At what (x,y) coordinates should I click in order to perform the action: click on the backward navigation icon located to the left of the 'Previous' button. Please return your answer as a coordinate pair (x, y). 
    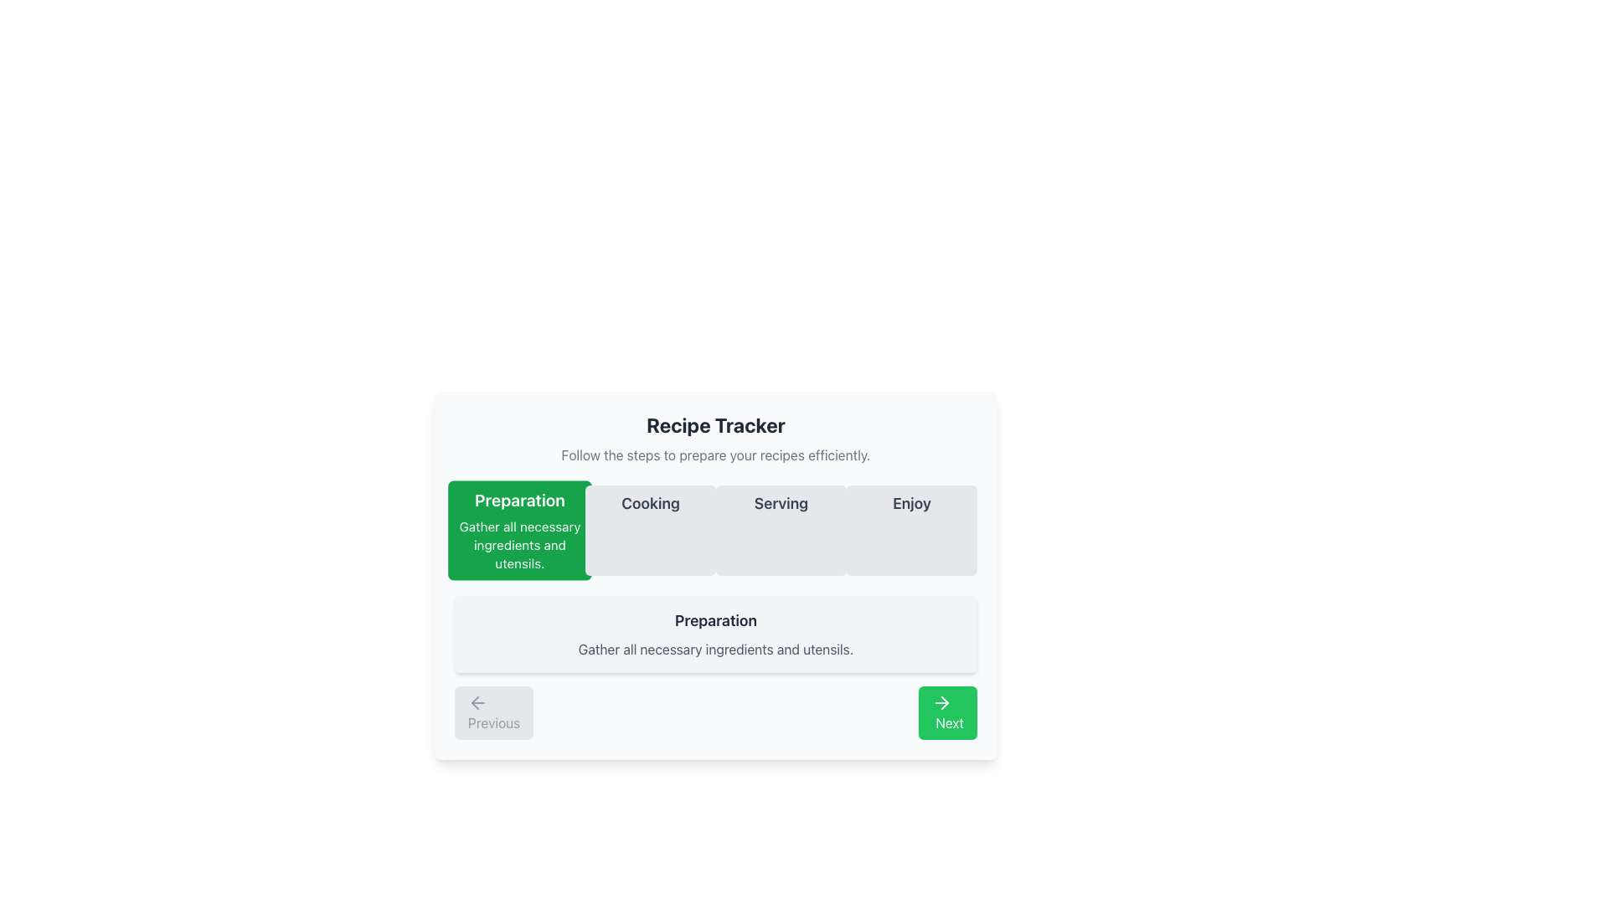
    Looking at the image, I should click on (477, 703).